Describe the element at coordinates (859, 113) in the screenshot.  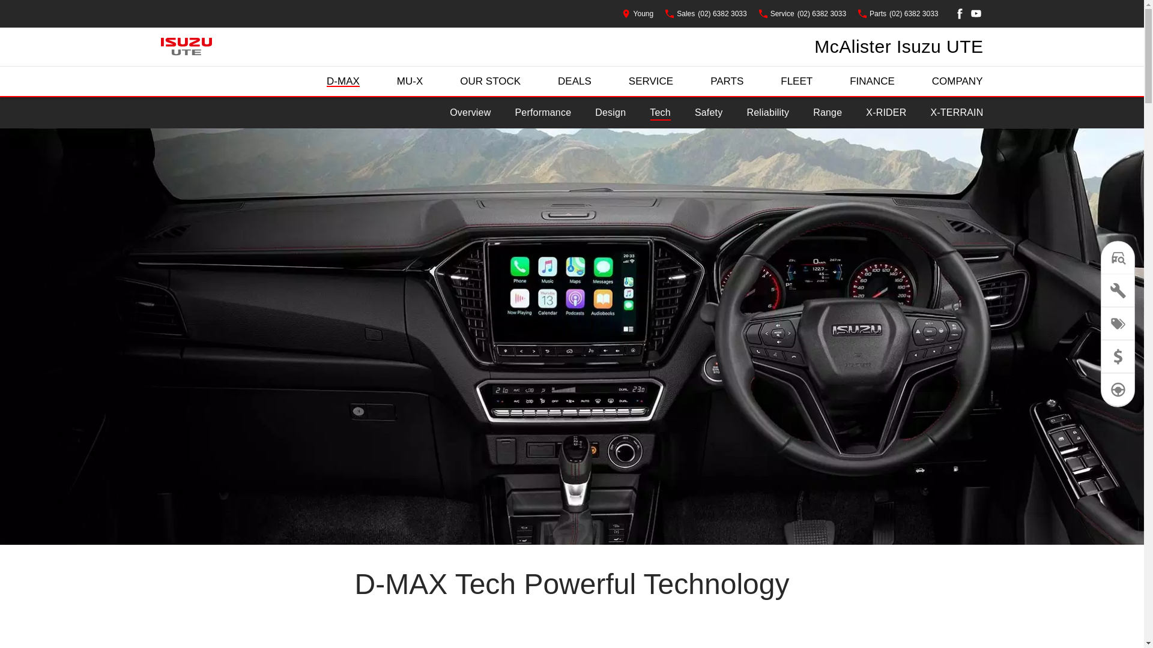
I see `'X-RIDER'` at that location.